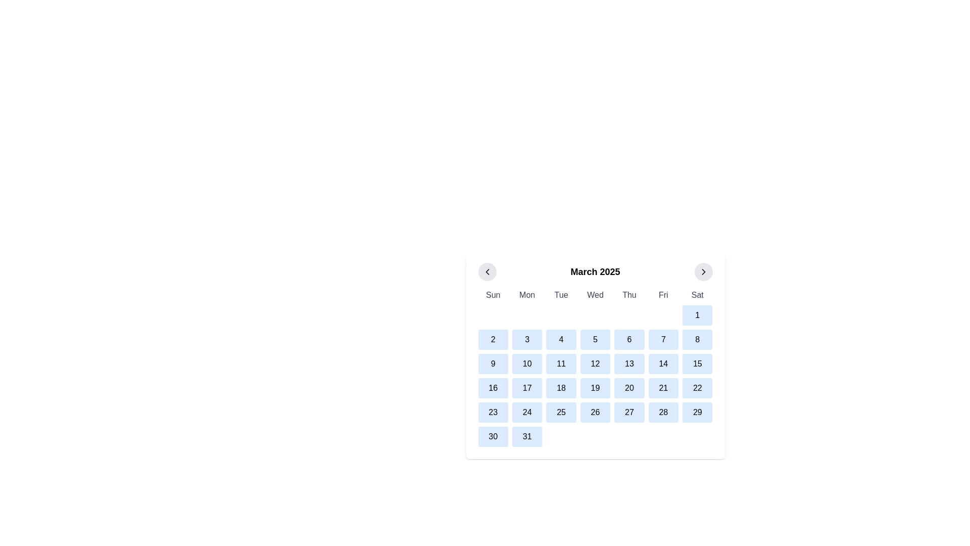 The height and width of the screenshot is (546, 970). I want to click on the button that allows users to navigate to the previous month in the calendar, so click(487, 271).